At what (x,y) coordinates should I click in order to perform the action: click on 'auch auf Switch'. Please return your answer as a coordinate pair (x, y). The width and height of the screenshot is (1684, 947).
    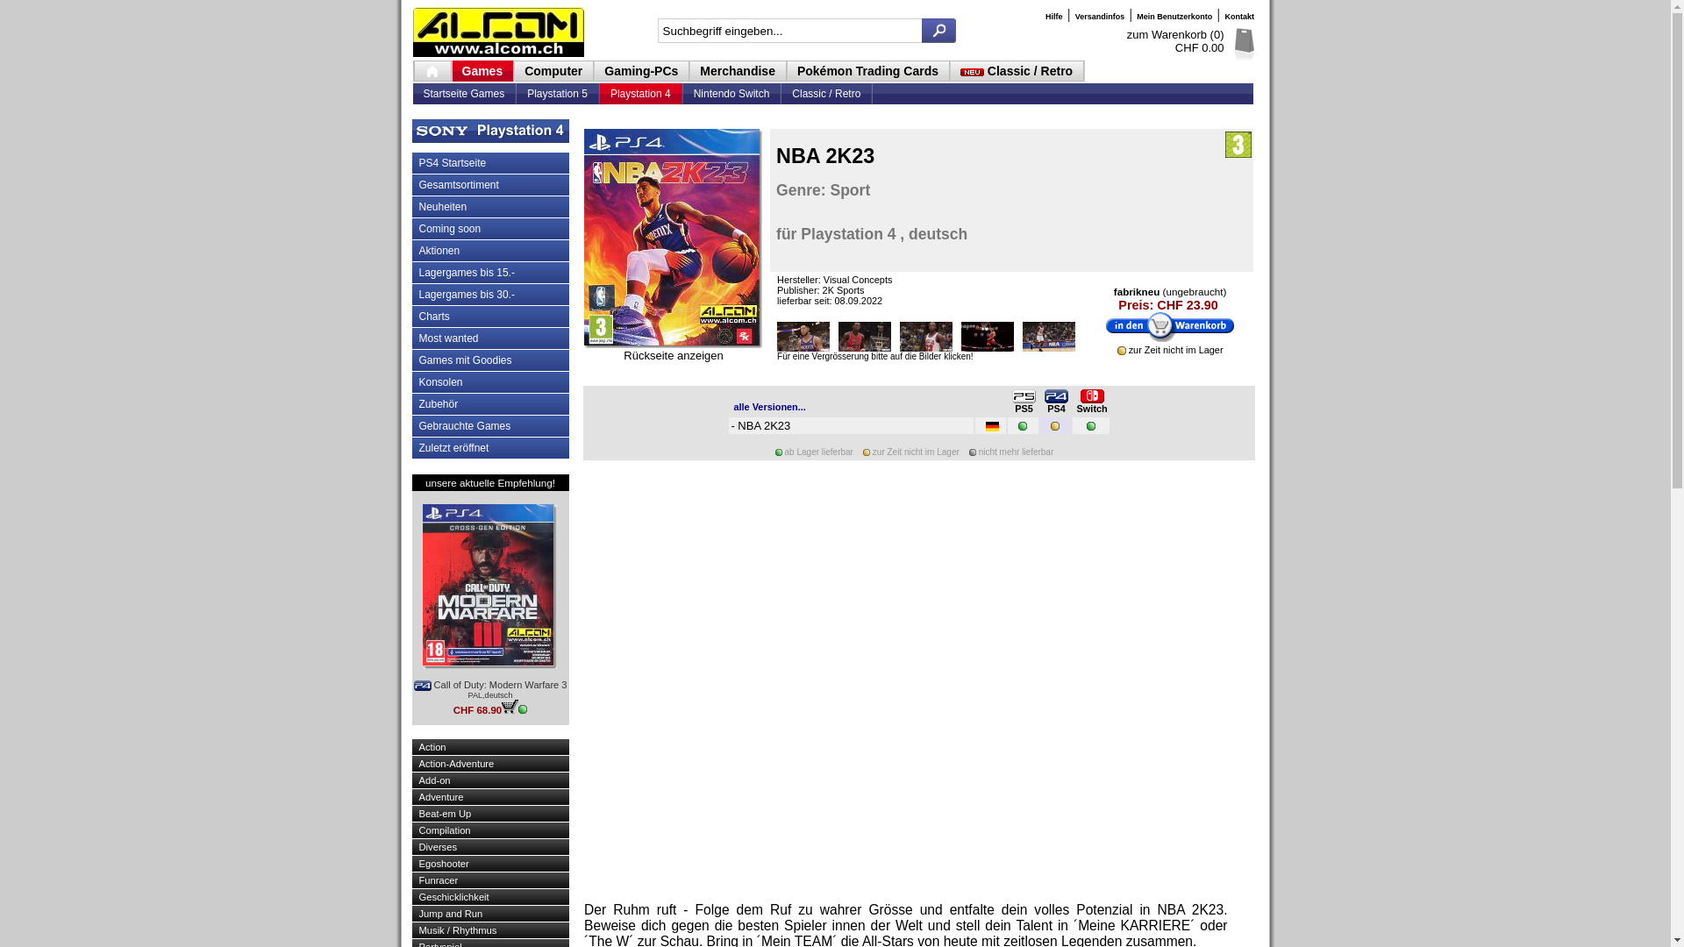
    Looking at the image, I should click on (1091, 395).